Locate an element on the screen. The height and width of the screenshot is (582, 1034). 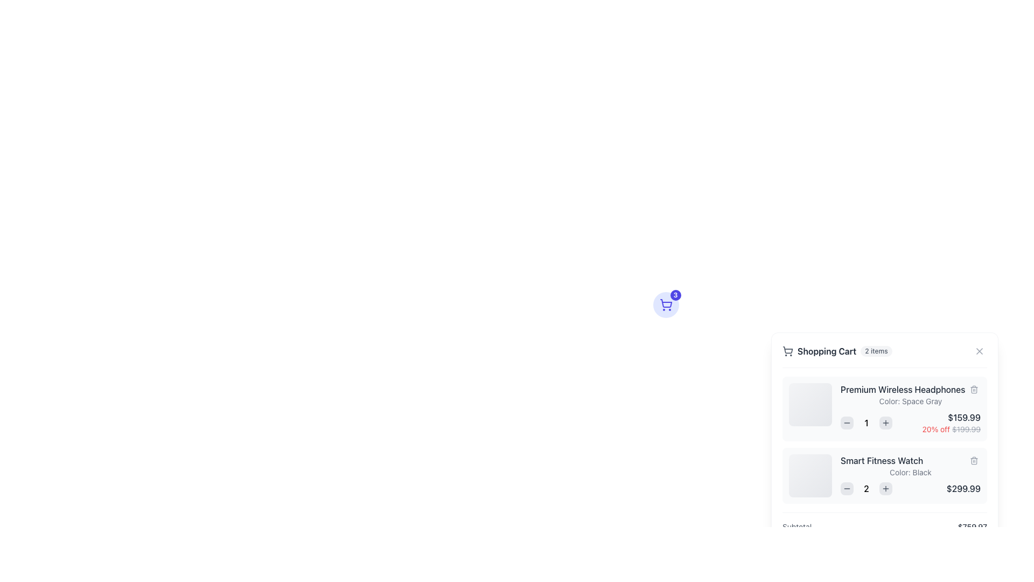
the Image Placeholder for the 'Smart Fitness Watch' located on the left side of the row in the shopping cart section is located at coordinates (811, 475).